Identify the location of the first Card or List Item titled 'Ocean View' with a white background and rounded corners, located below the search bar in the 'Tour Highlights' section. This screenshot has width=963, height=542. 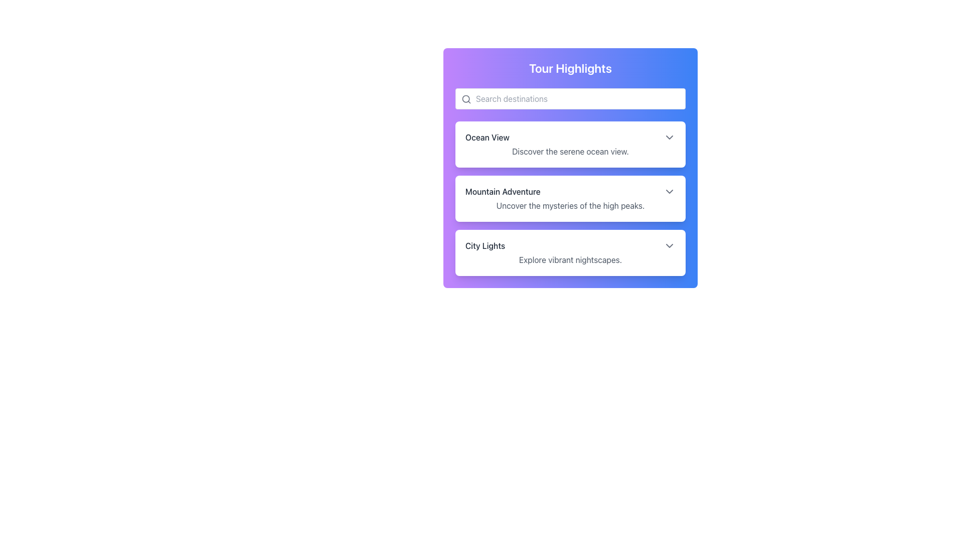
(570, 145).